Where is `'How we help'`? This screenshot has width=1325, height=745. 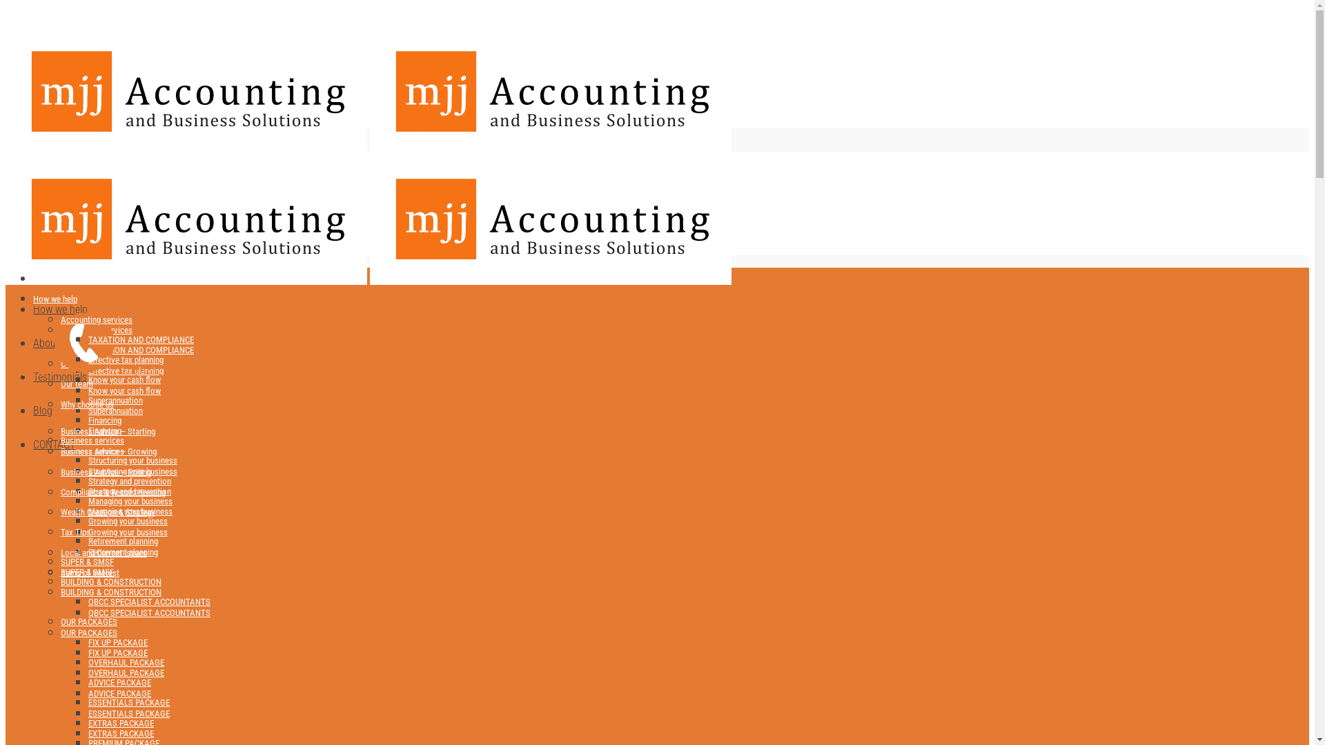 'How we help' is located at coordinates (55, 298).